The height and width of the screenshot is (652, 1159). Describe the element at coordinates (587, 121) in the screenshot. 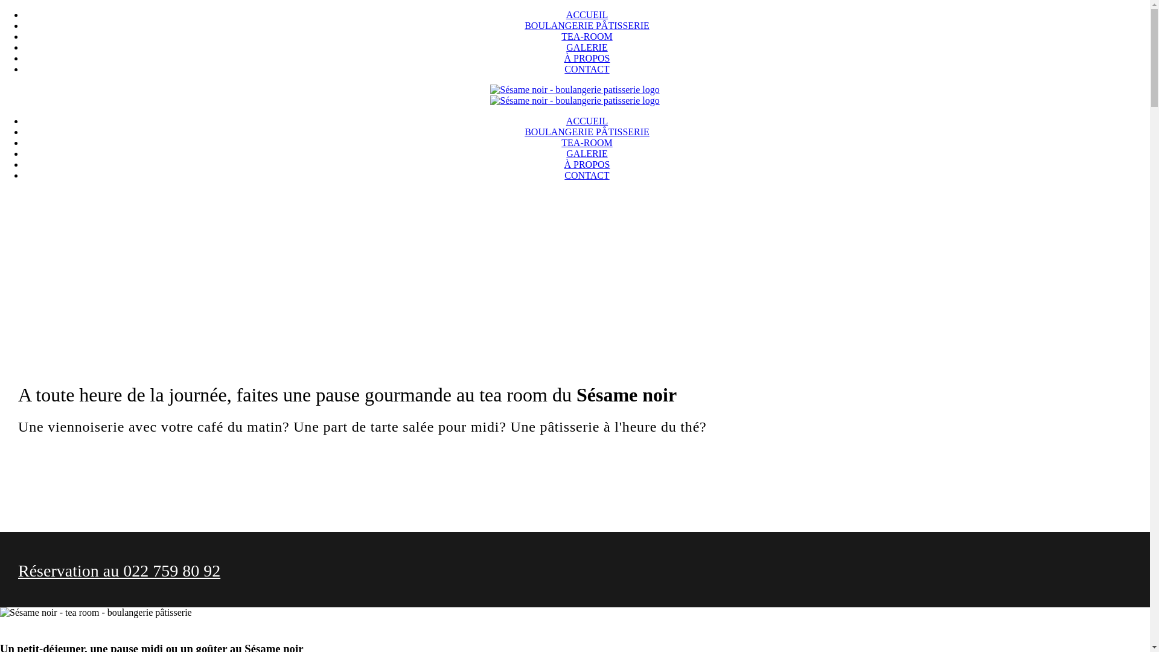

I see `'ACCUEIL'` at that location.